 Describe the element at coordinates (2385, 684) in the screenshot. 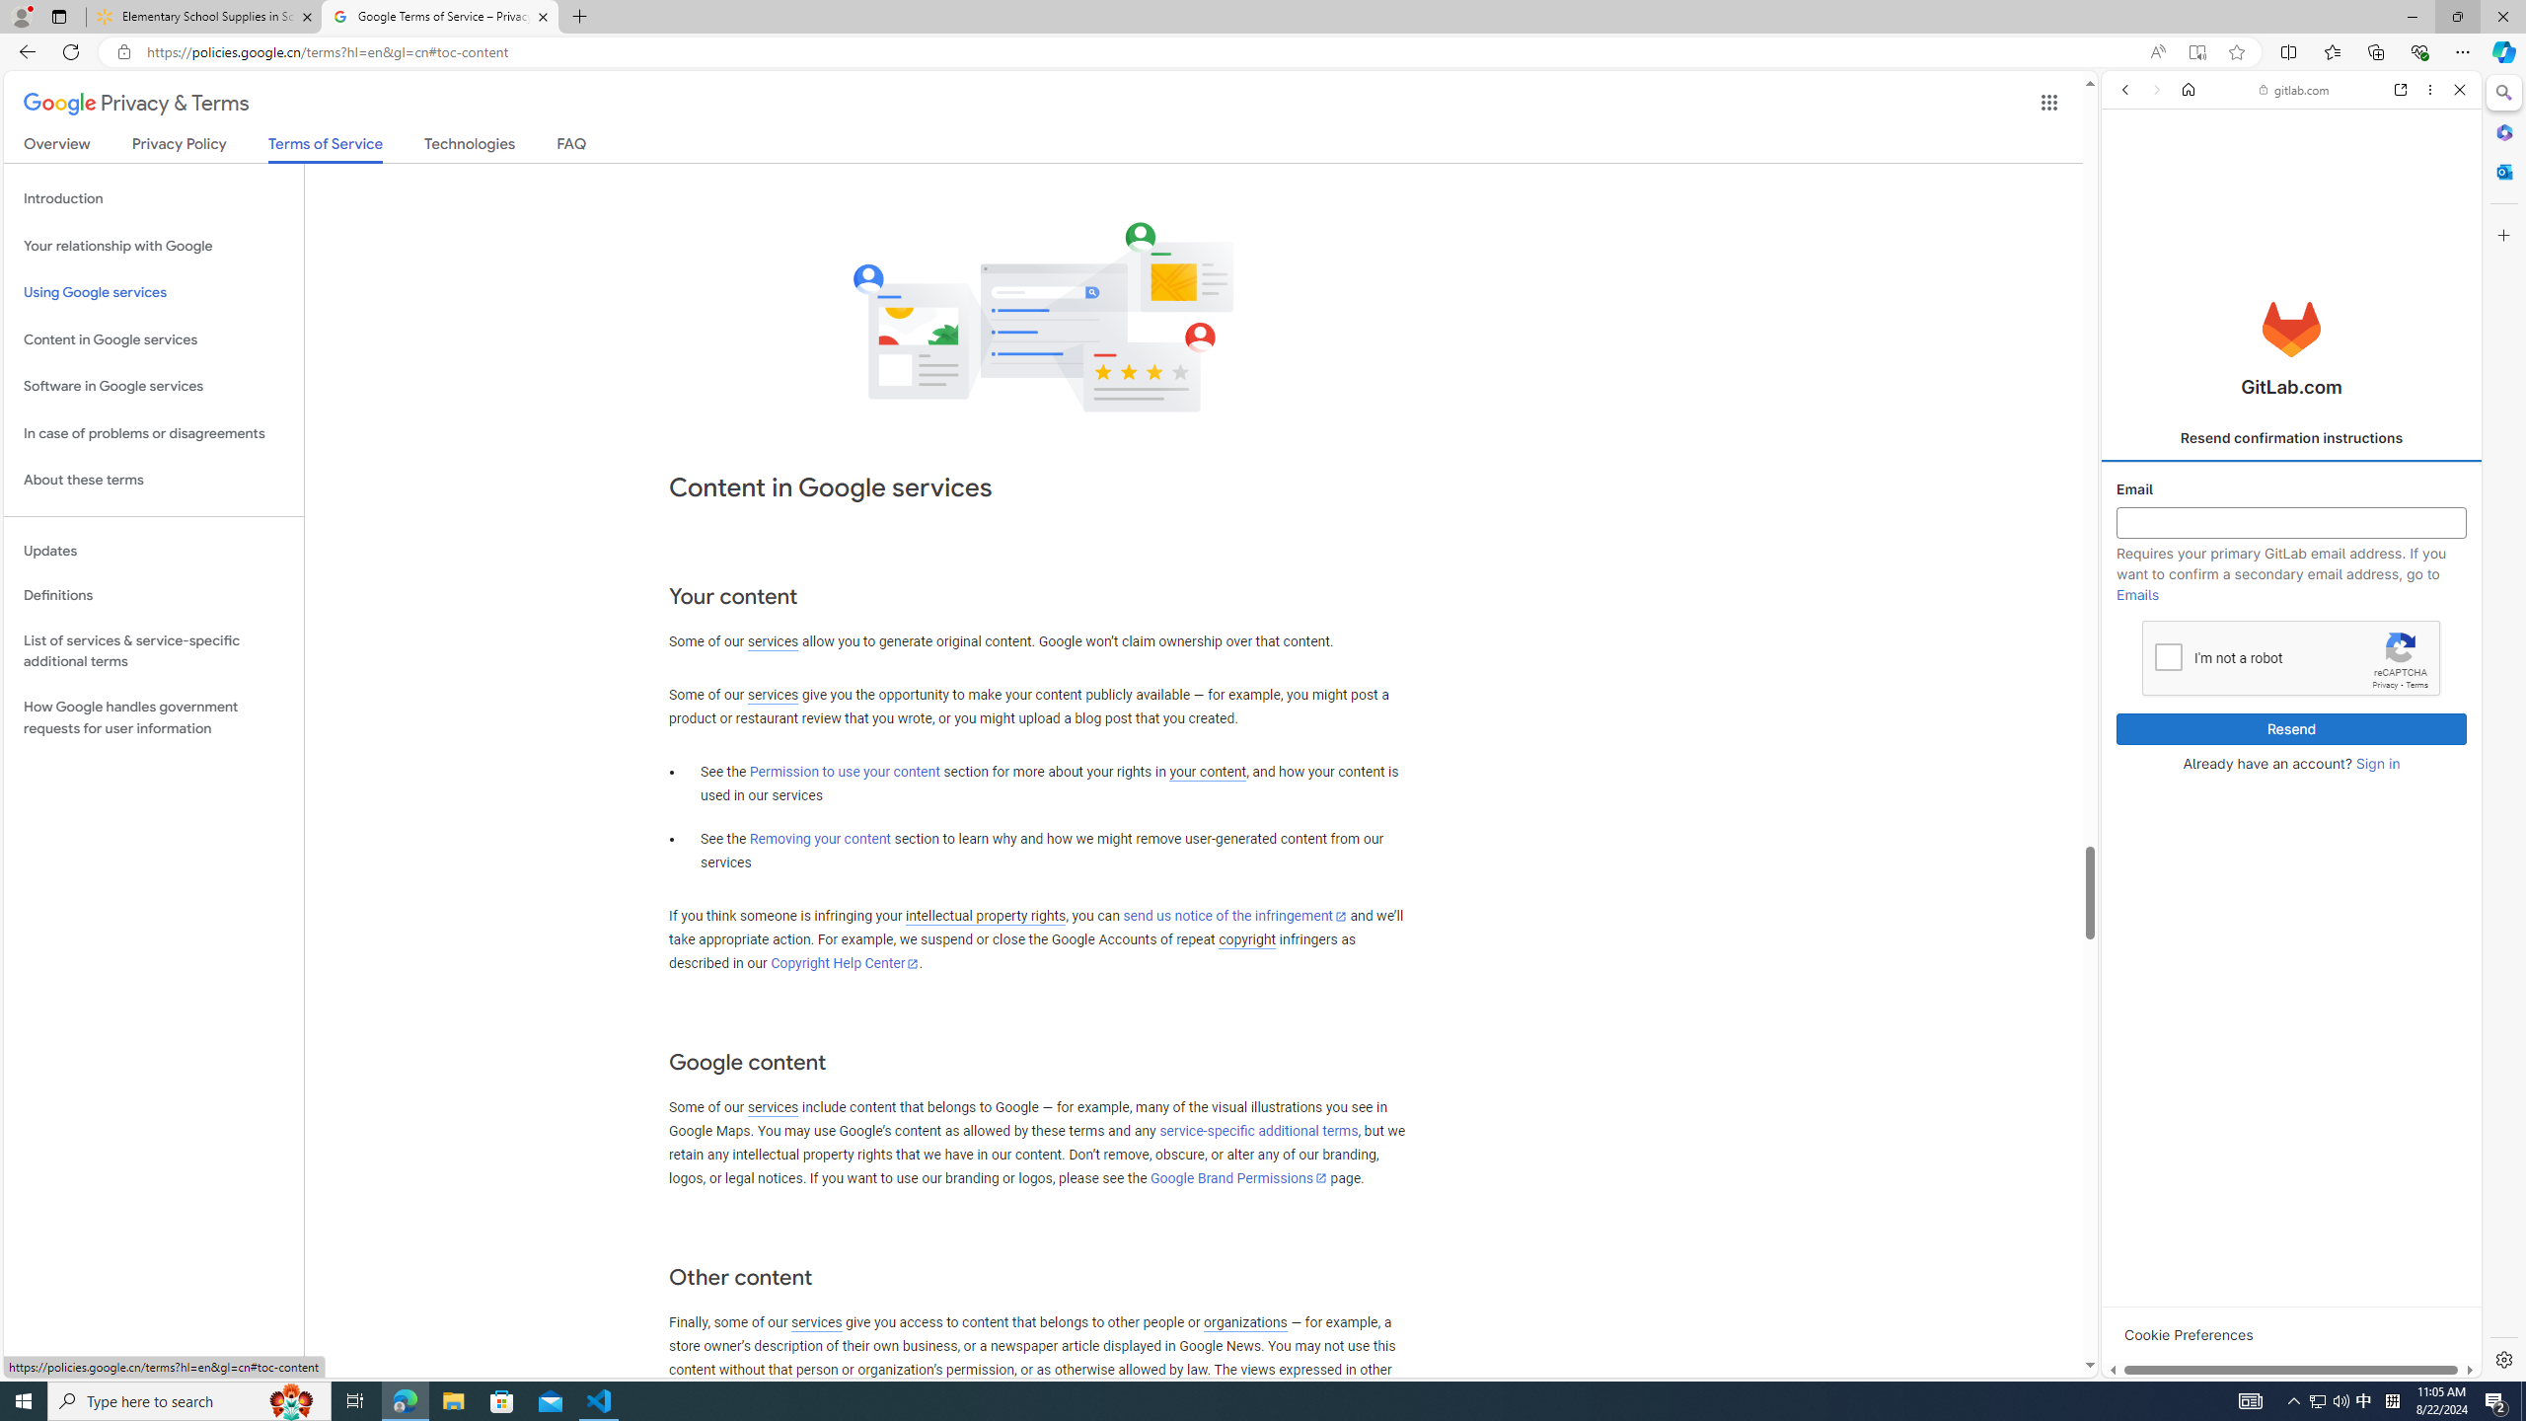

I see `'Privacy'` at that location.